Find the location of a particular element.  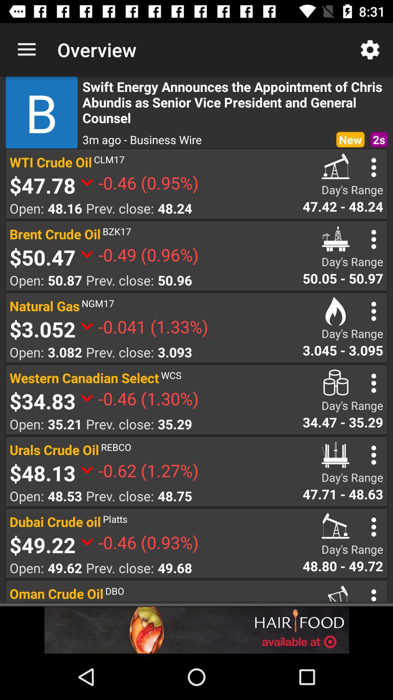

tap advertisement is located at coordinates (196, 630).